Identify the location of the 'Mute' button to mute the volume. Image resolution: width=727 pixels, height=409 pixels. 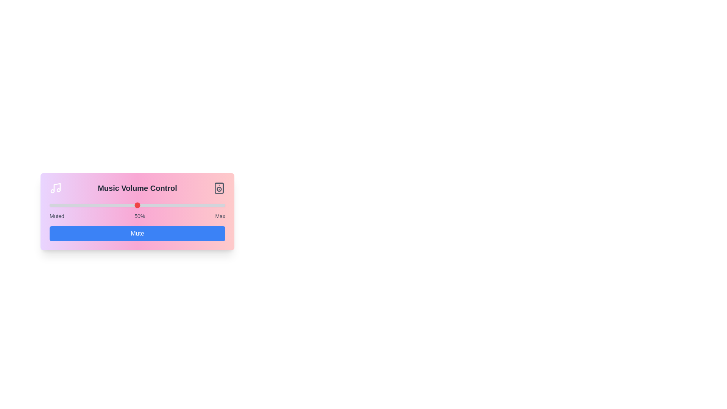
(137, 233).